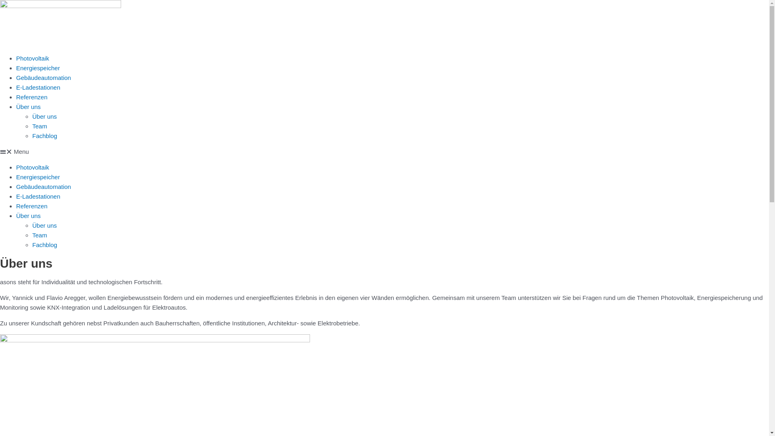  I want to click on 'Referenzen', so click(31, 205).